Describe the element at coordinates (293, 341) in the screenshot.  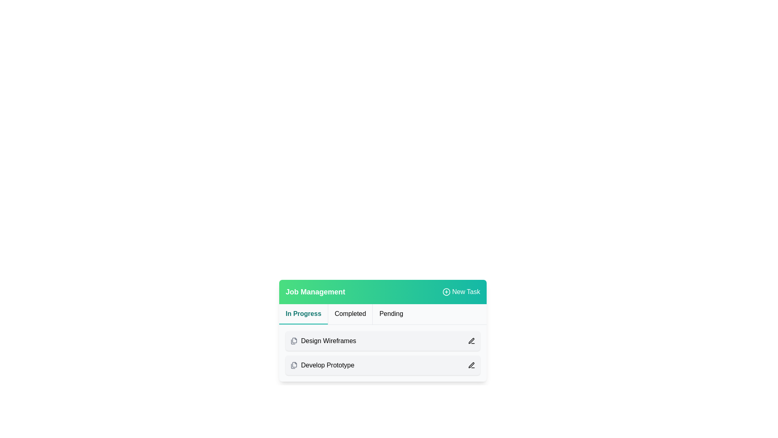
I see `the icon representing a stack of files, which is styled with a line-based design in gray color, located to the left of the text 'Design Wireframes' in the 'In Progress' tab of the 'Job Management' section` at that location.